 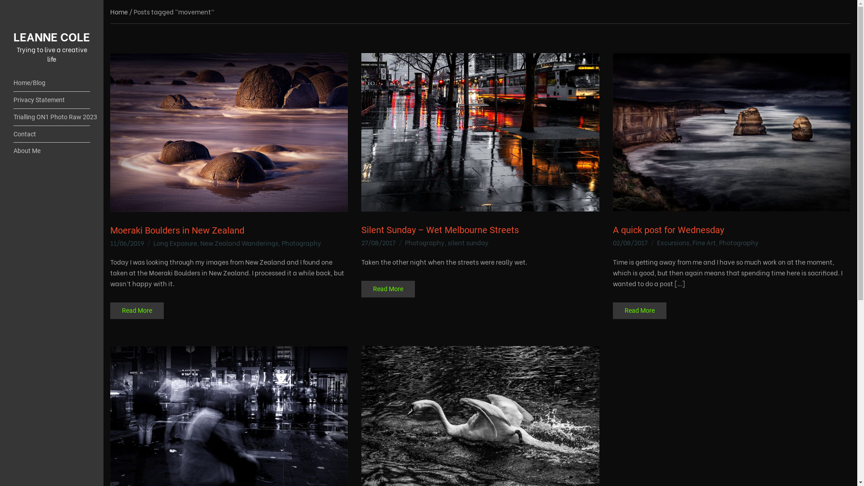 I want to click on 'Home', so click(x=118, y=11).